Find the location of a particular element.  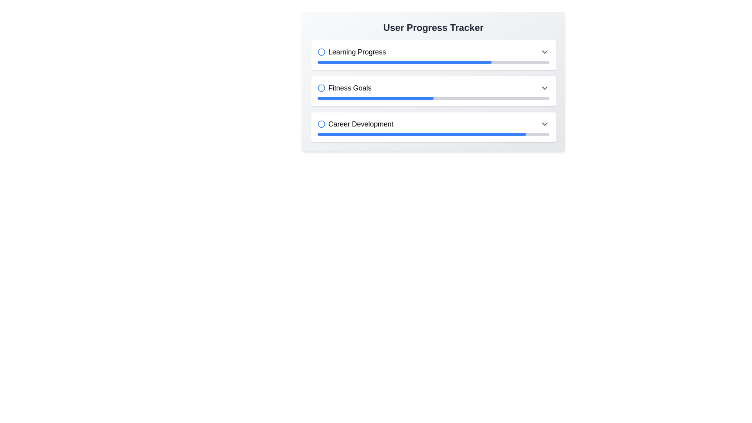

the static label 'Learning Progress' which is visually characterized by a bold font and a circular blue icon to its left, located in the 'User Progress Tracker' section is located at coordinates (351, 52).